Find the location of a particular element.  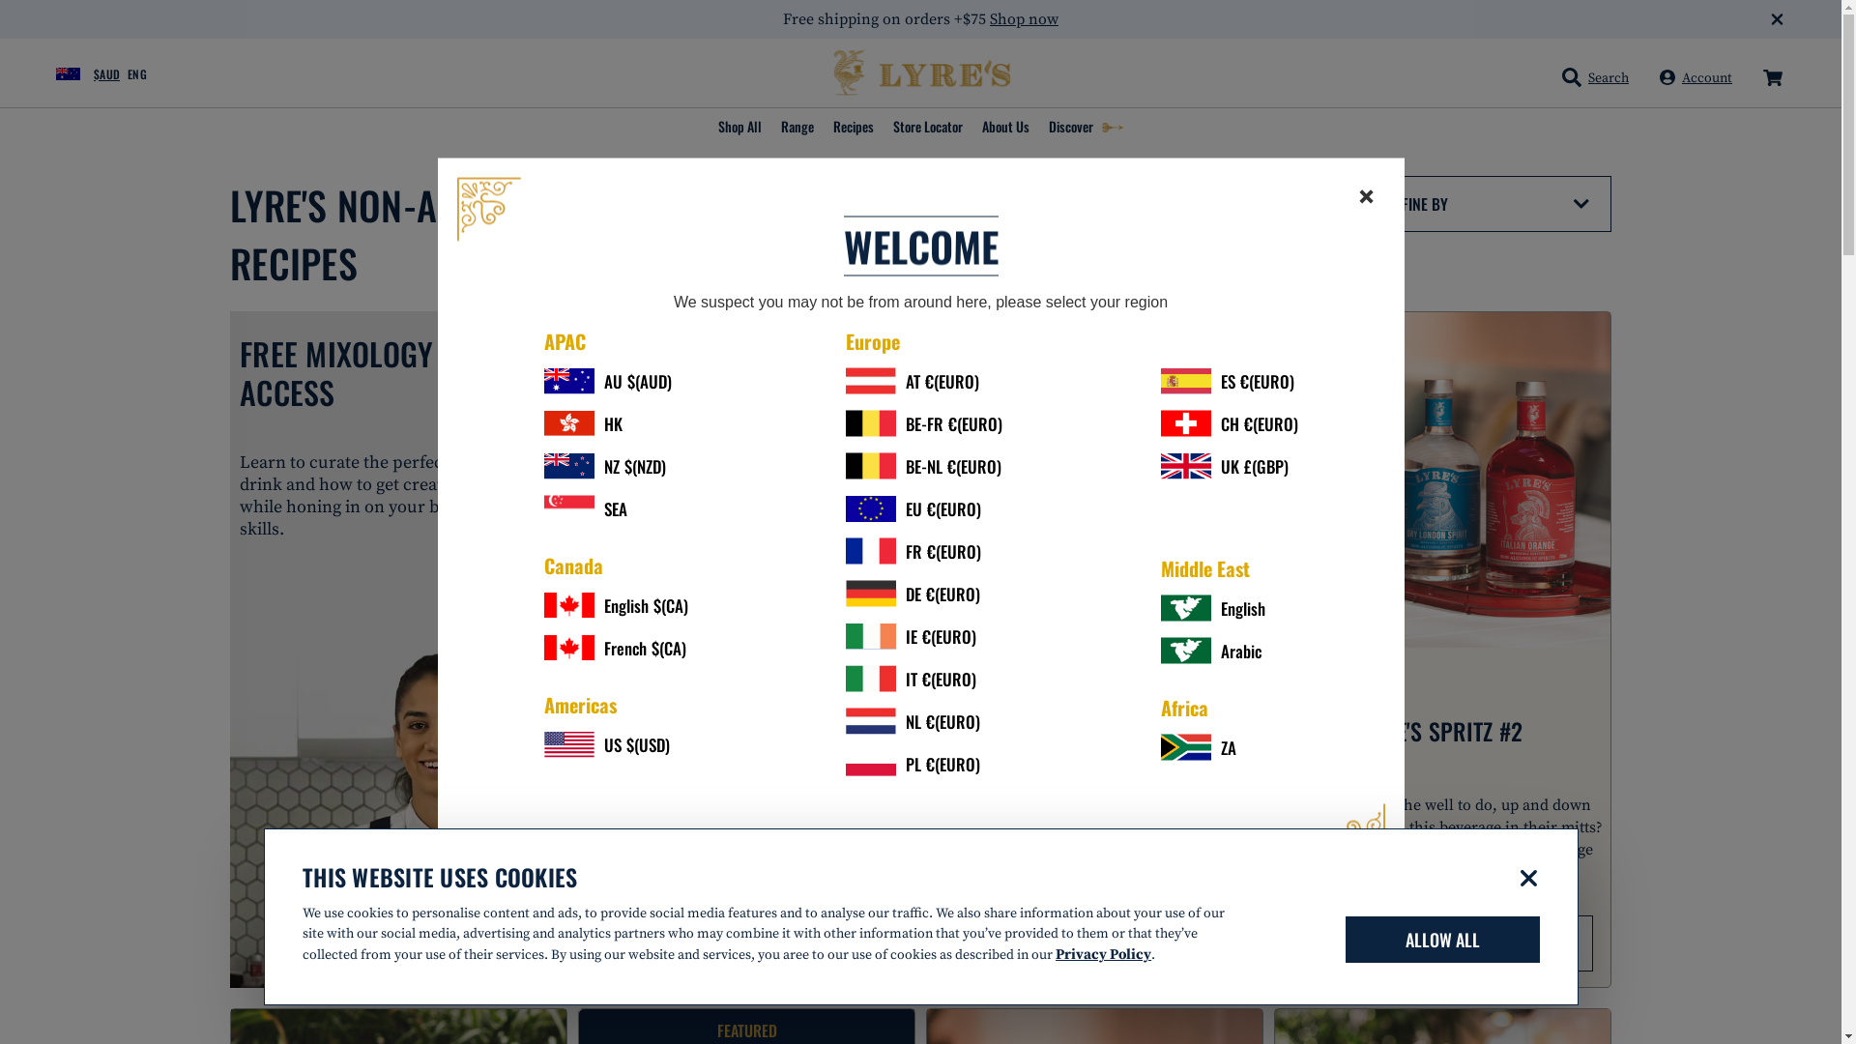

'VIEW RECIPE' is located at coordinates (1094, 942).